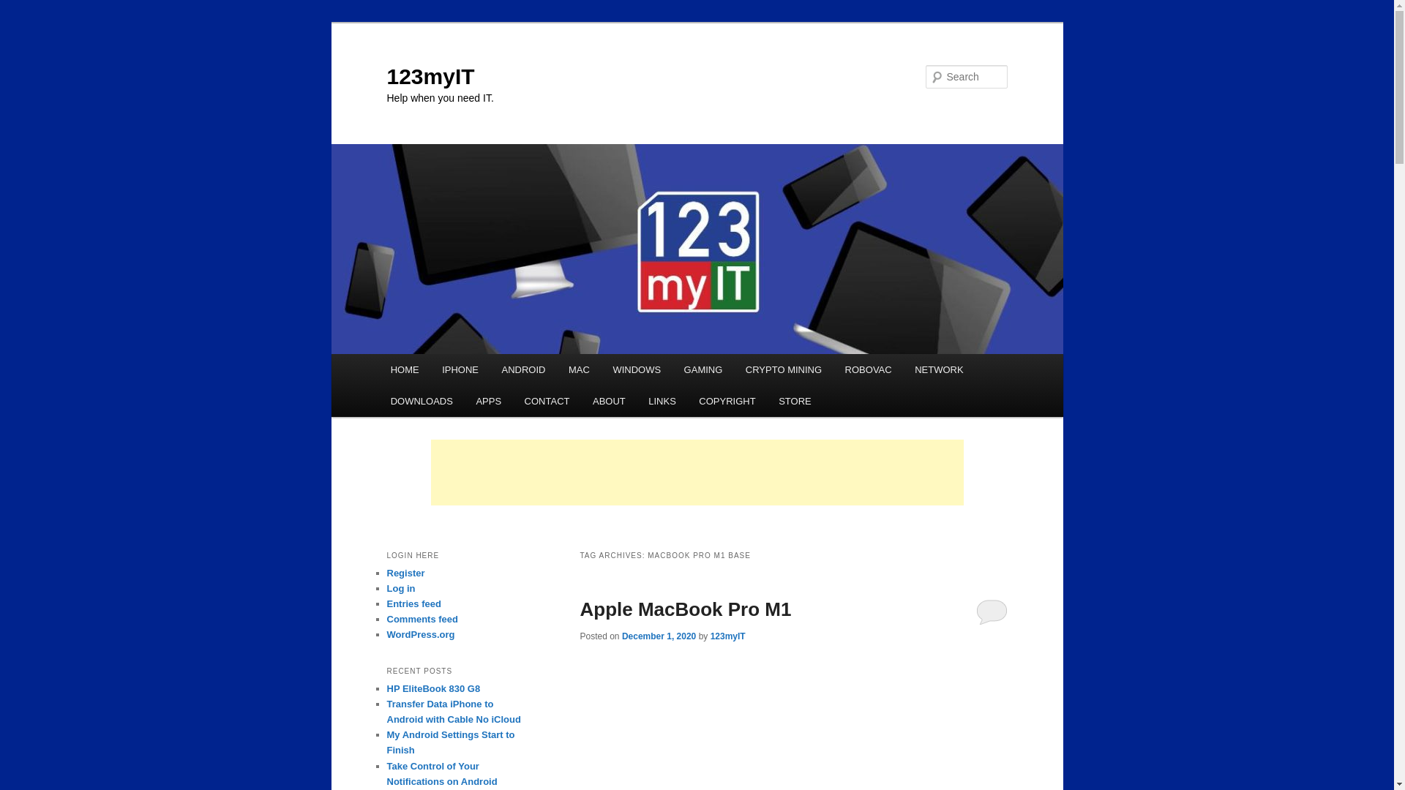 Image resolution: width=1405 pixels, height=790 pixels. Describe the element at coordinates (386, 772) in the screenshot. I see `'Take Control of Your Notifications on Android'` at that location.